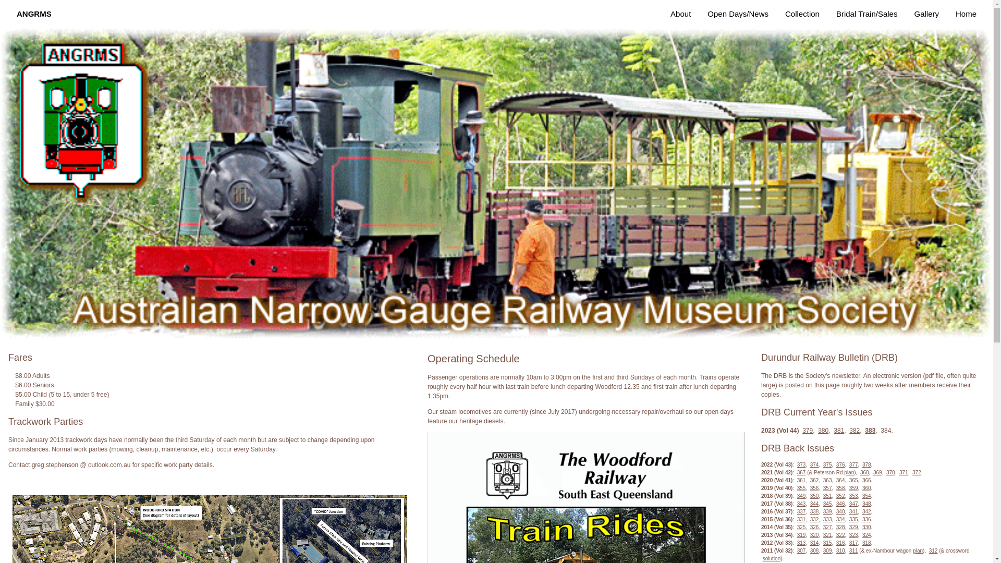 Image resolution: width=1001 pixels, height=563 pixels. I want to click on '363', so click(827, 480).